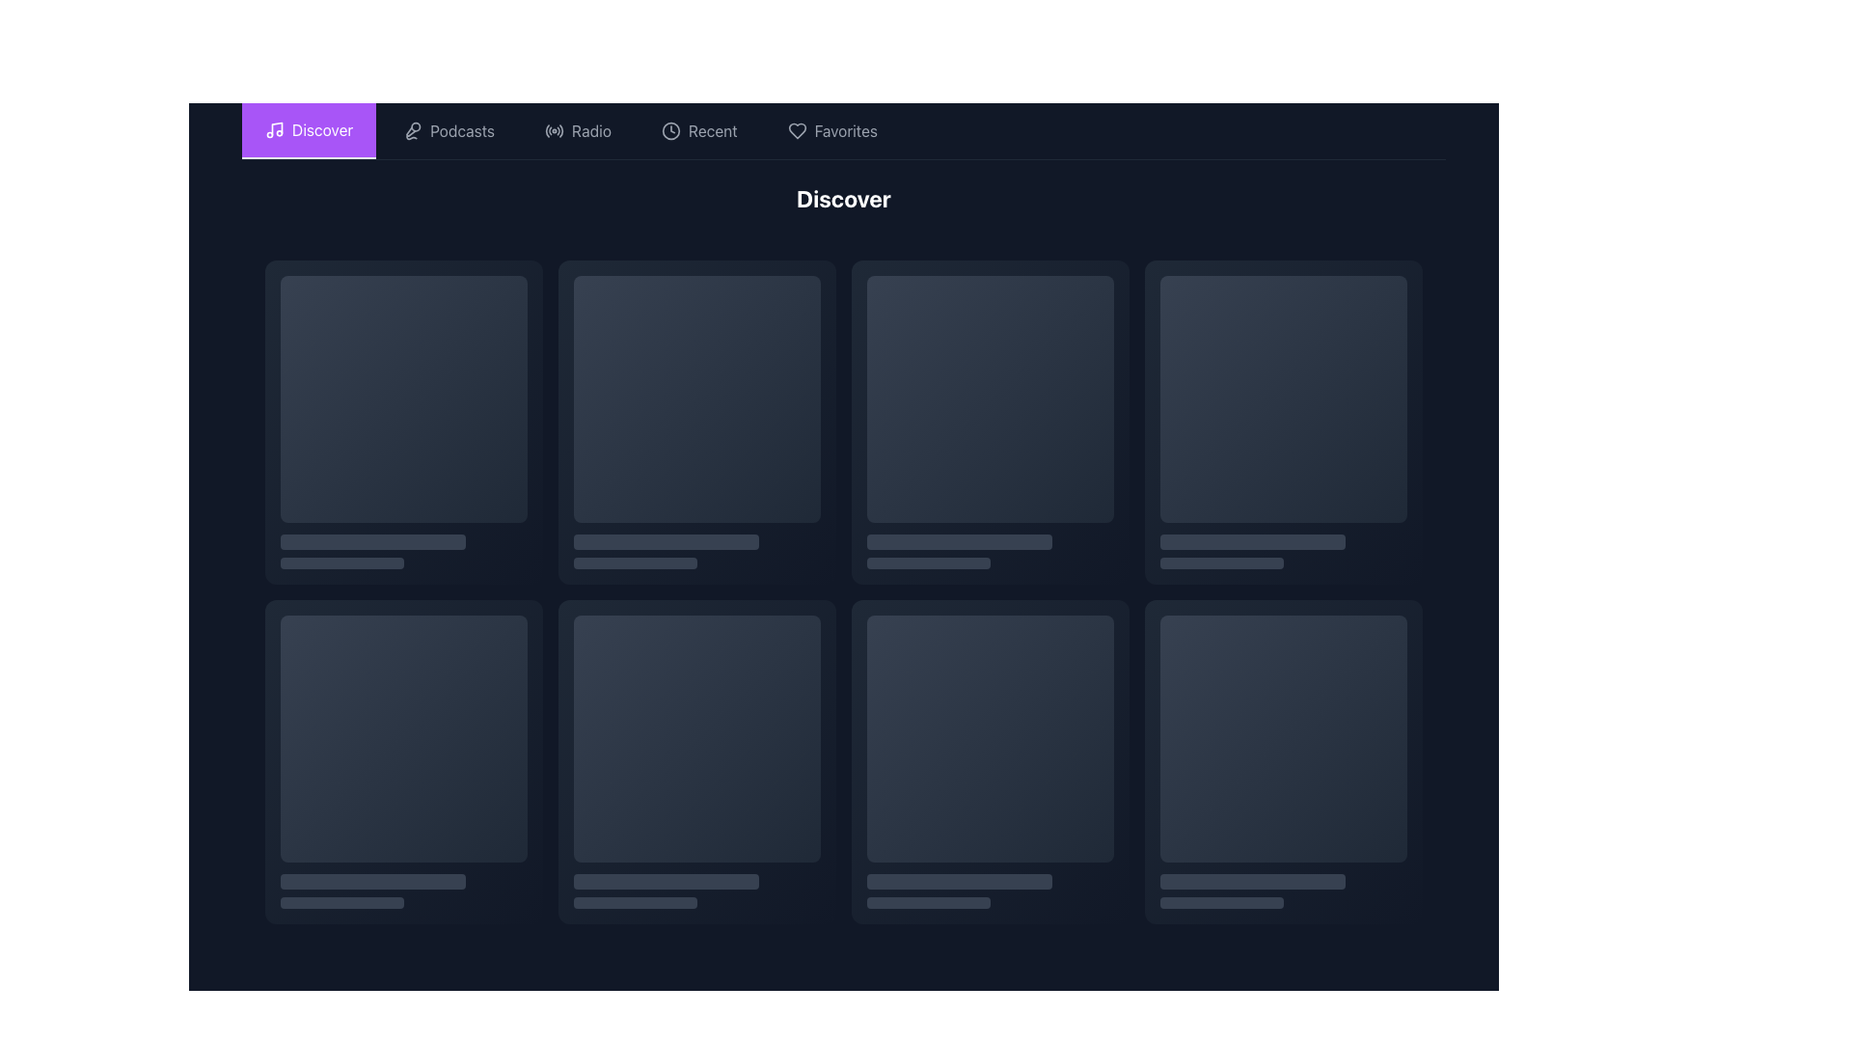  What do you see at coordinates (712, 130) in the screenshot?
I see `the 'Recent' text label in the navigation menu` at bounding box center [712, 130].